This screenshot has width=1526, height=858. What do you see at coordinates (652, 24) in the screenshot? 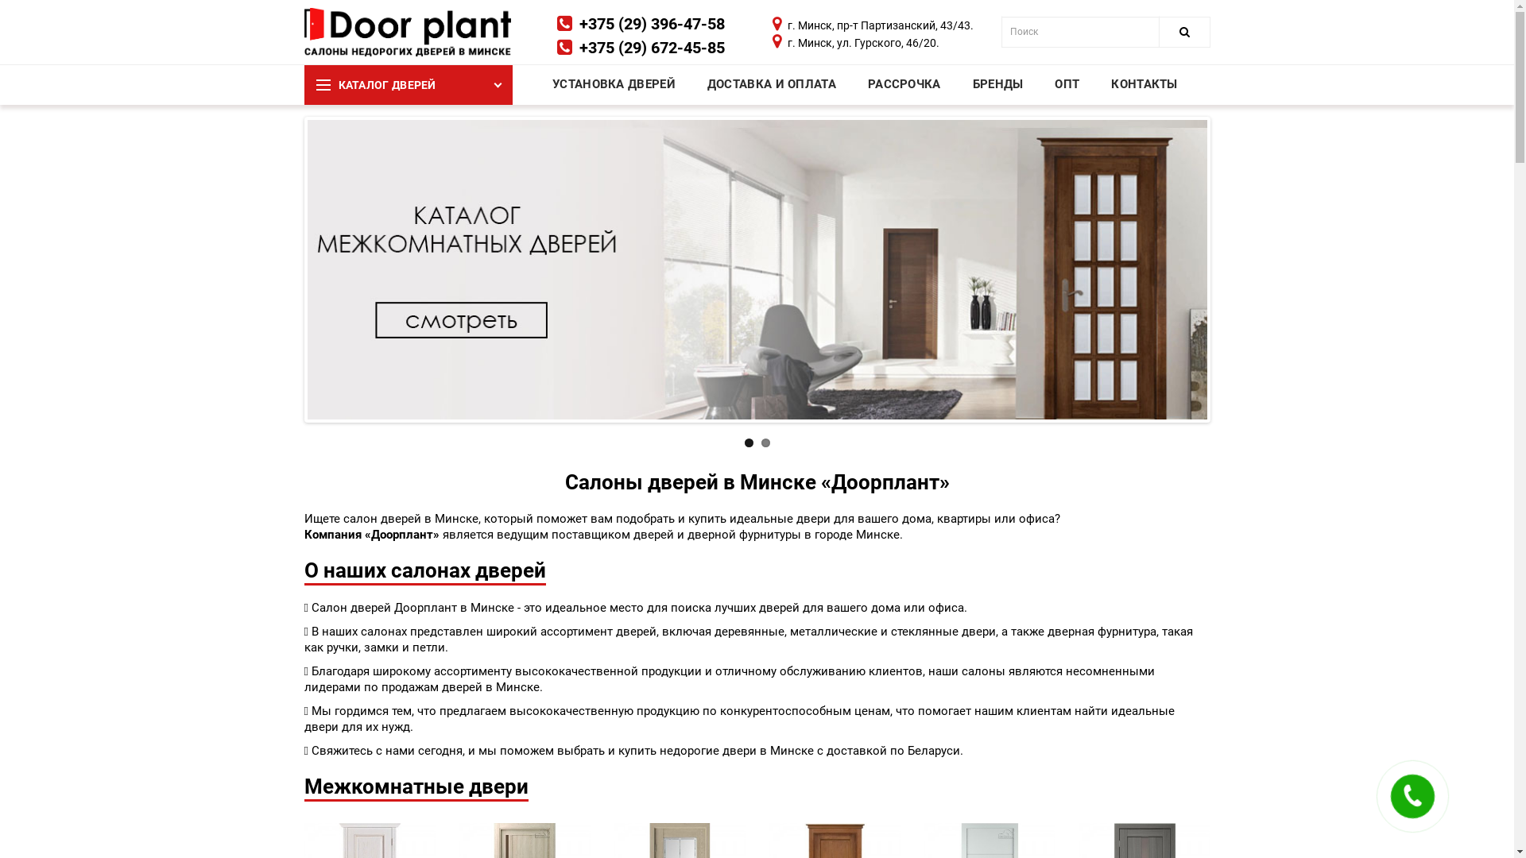
I see `'+375 (29) 396-47-58'` at bounding box center [652, 24].